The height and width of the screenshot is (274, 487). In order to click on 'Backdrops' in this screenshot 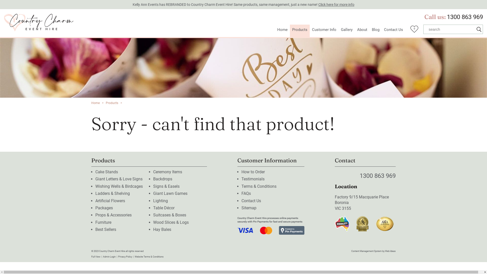, I will do `click(163, 179)`.